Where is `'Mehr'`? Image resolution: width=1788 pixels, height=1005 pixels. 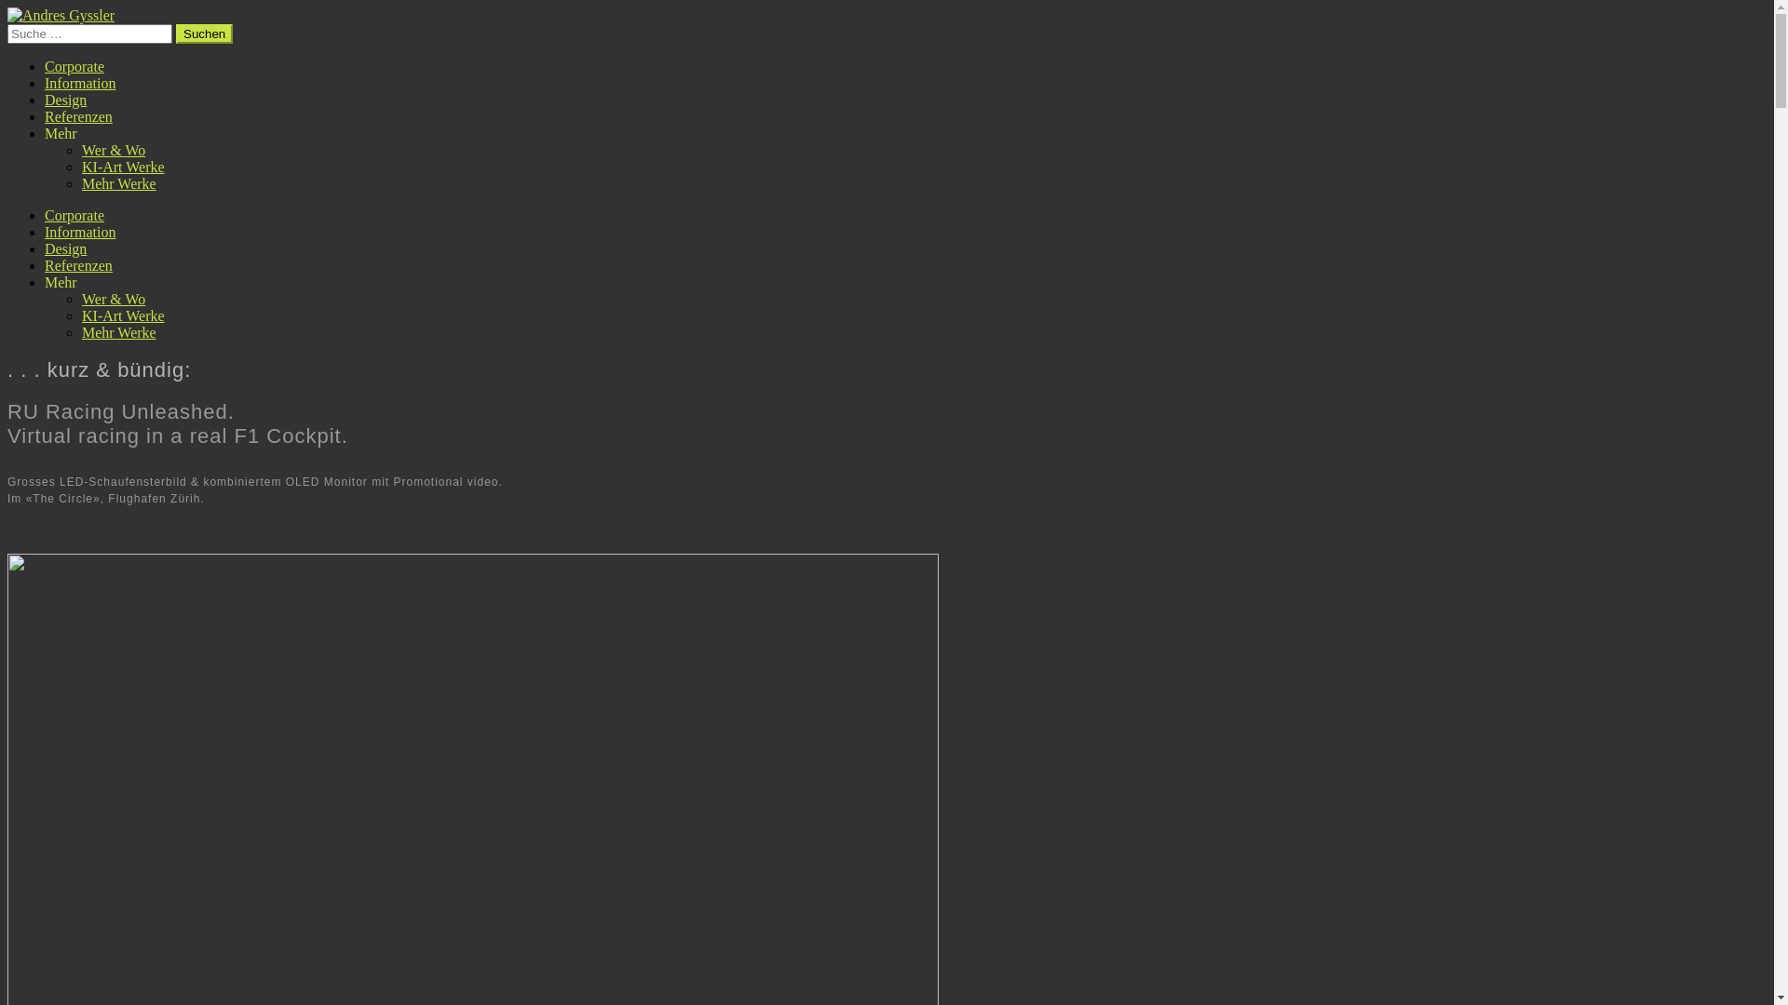 'Mehr' is located at coordinates (45, 132).